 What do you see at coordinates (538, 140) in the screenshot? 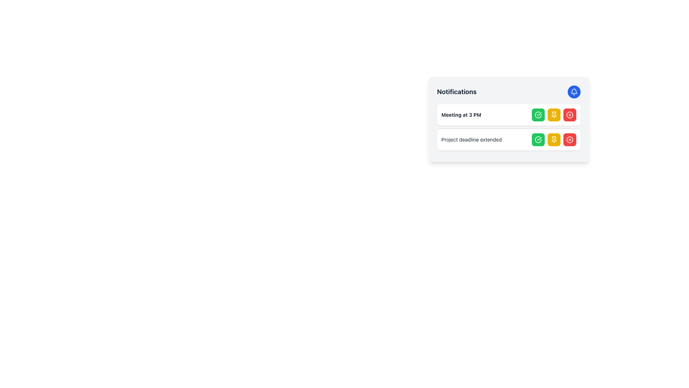
I see `the green rounded button with a white checkmark icon located in the second notification row of the 'Notifications' card` at bounding box center [538, 140].